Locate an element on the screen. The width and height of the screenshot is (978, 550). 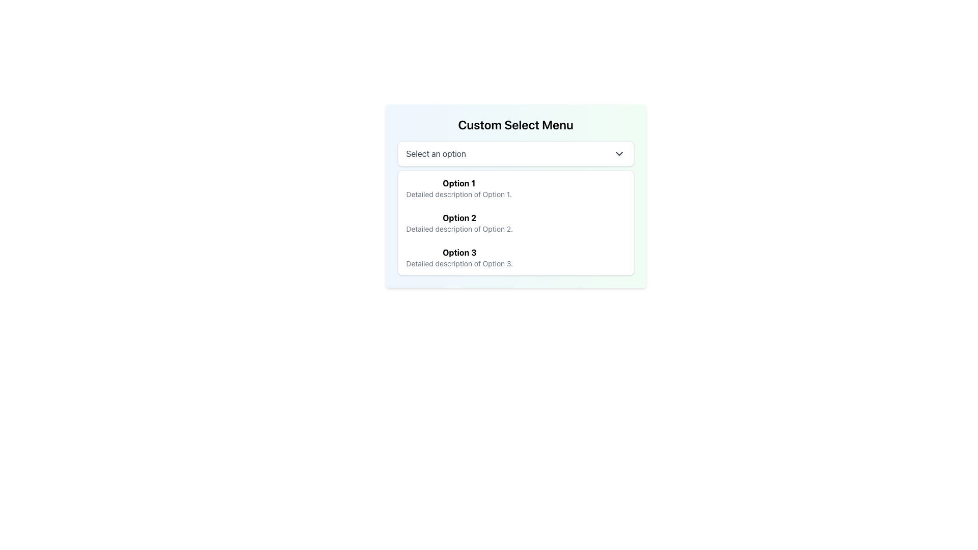
to select the menu item labeled 'Option 2' with a detailed description in a dropdown menu is located at coordinates (515, 223).